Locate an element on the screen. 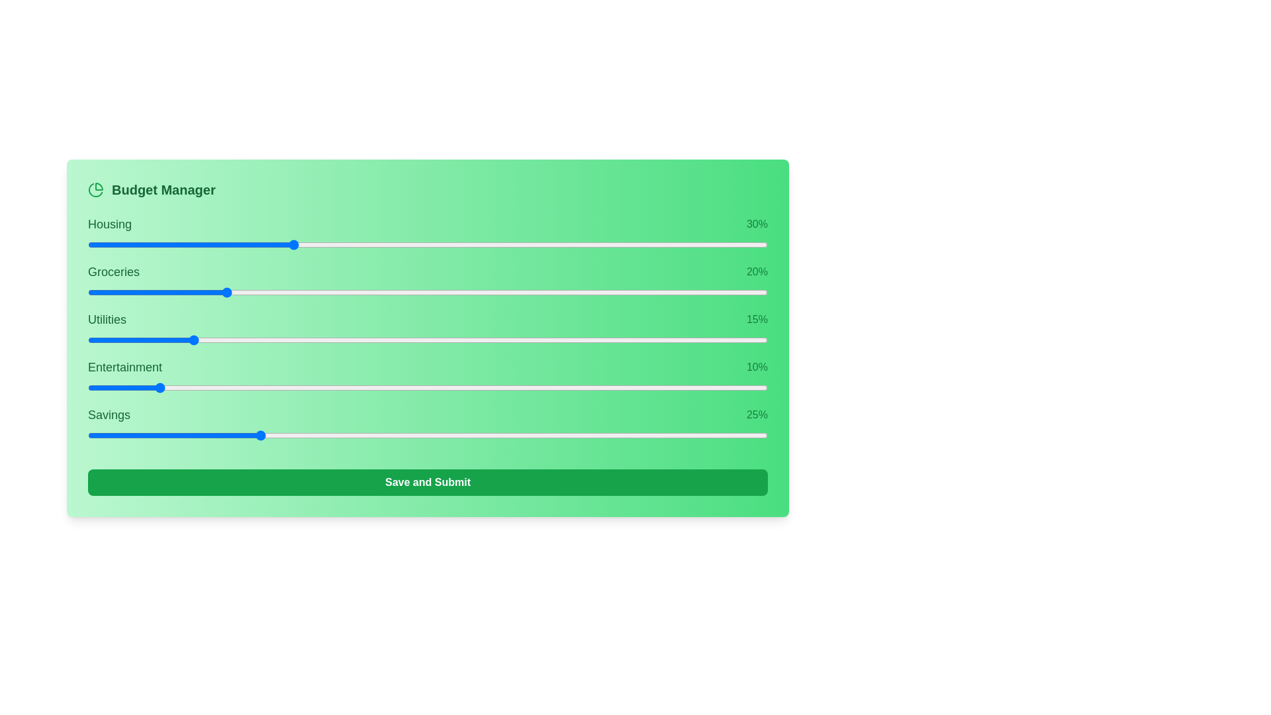 This screenshot has height=715, width=1271. the slider for 2 to 21% allocation is located at coordinates (498, 339).